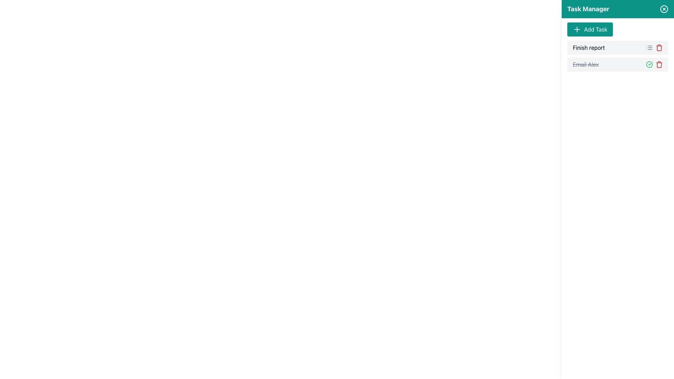 This screenshot has width=674, height=379. Describe the element at coordinates (589, 47) in the screenshot. I see `the text label of the first task in the 'Task Manager' section, which describes the associated task` at that location.